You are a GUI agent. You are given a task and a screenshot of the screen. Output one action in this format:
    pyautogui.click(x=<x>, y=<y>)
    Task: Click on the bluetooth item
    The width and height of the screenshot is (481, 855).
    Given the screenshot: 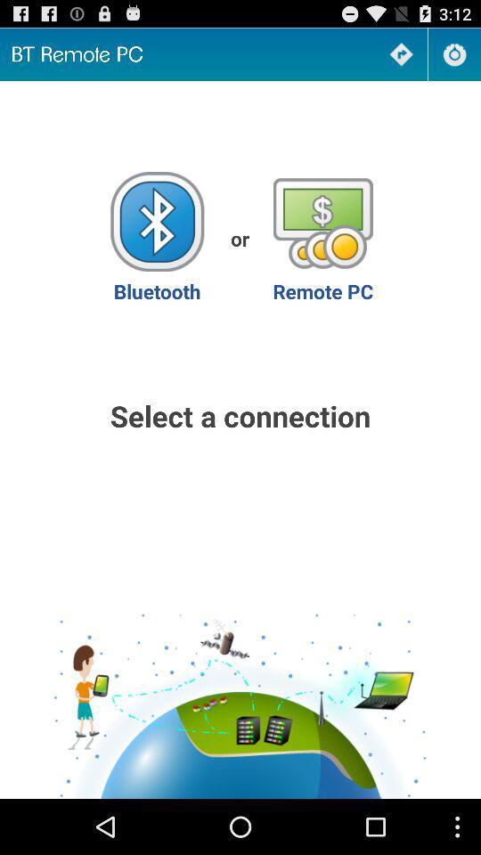 What is the action you would take?
    pyautogui.click(x=157, y=237)
    